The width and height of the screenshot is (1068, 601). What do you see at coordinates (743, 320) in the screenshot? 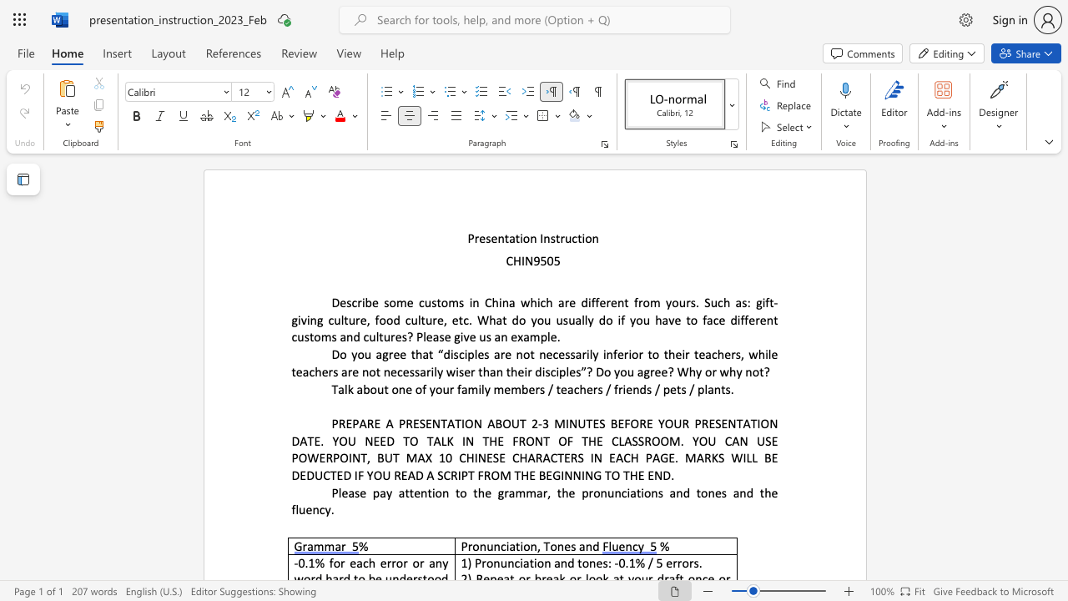
I see `the subset text "ferent cus" within the text "Describe some customs in China which are different from yours. Such as: gift-giving culture, food culture, etc. What do you usually do if you have to face different customs and"` at bounding box center [743, 320].